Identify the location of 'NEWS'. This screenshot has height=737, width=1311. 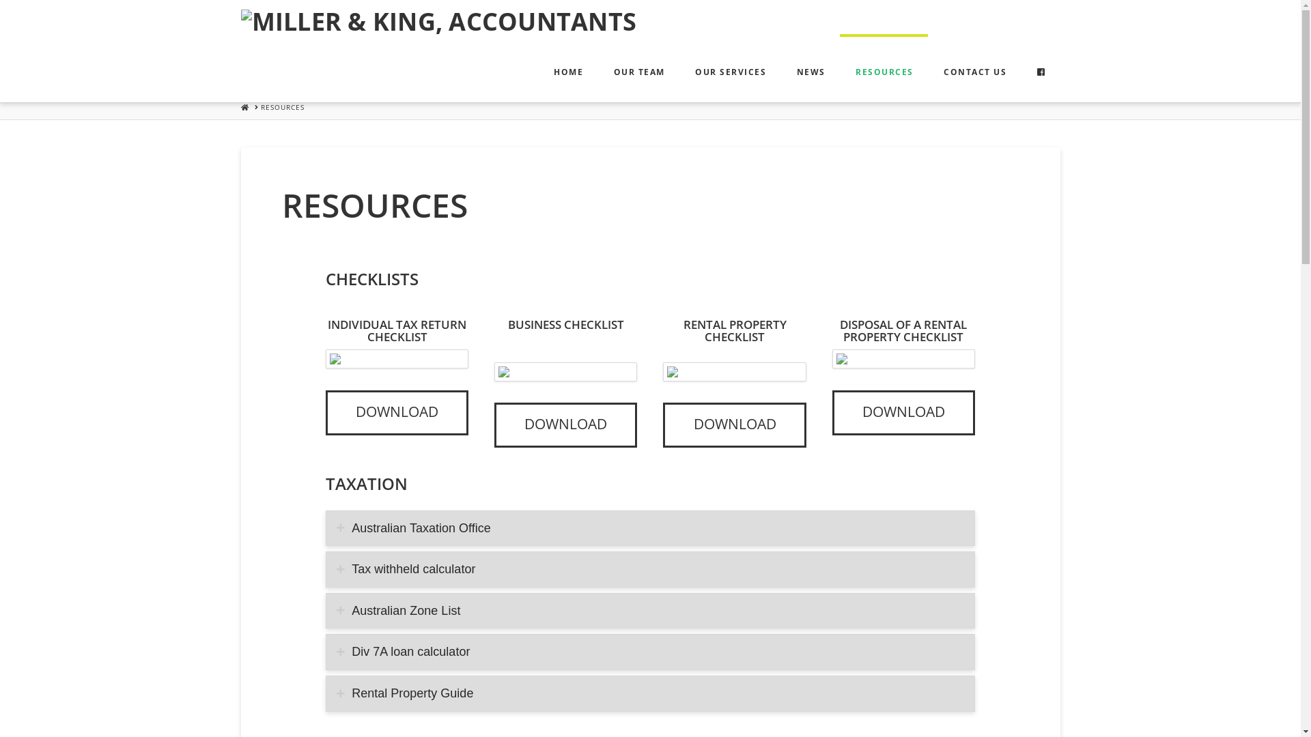
(780, 68).